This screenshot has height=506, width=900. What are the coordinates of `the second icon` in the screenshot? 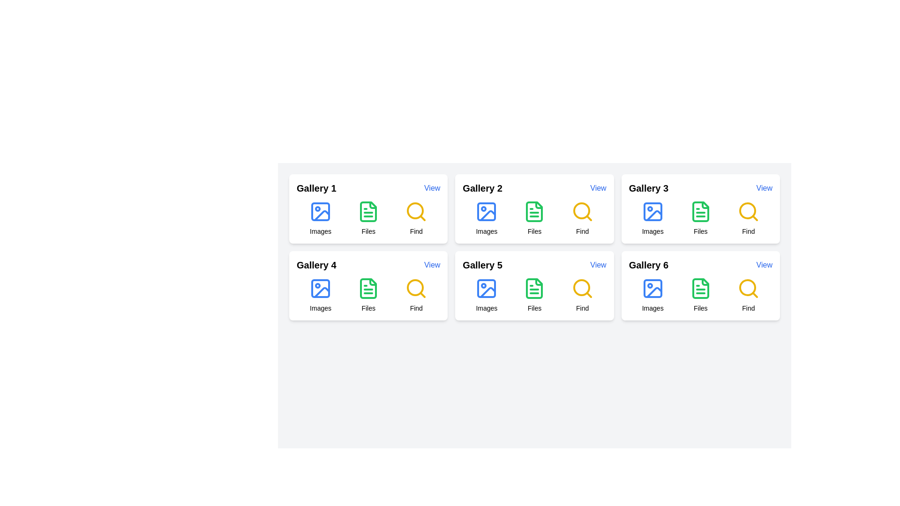 It's located at (368, 288).